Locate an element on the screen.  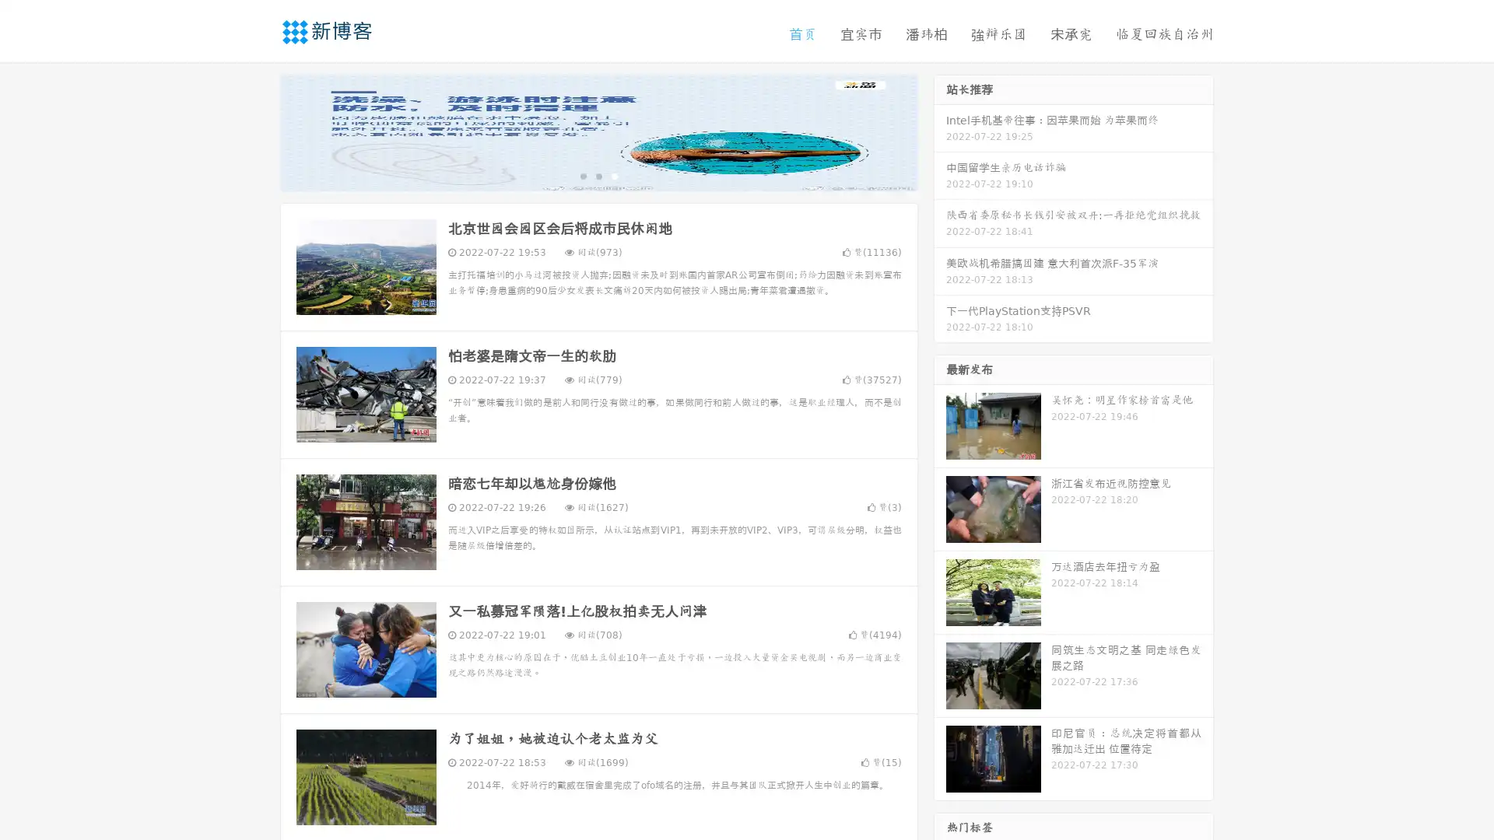
Go to slide 2 is located at coordinates (598, 175).